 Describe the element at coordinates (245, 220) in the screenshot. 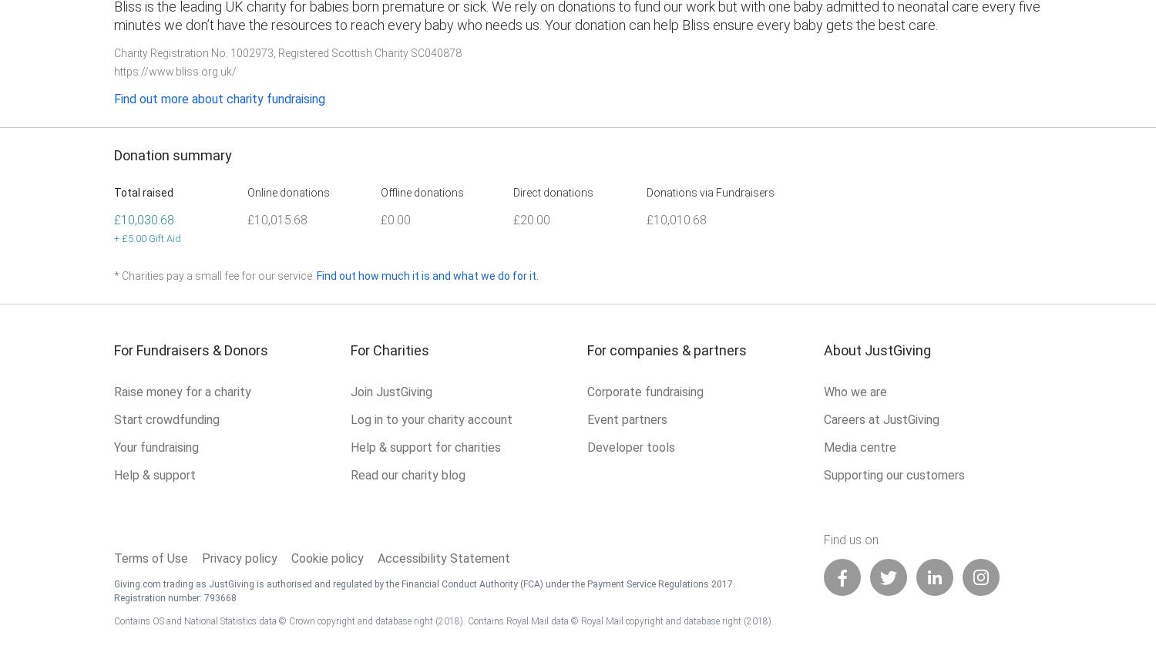

I see `'£10,015.68'` at that location.